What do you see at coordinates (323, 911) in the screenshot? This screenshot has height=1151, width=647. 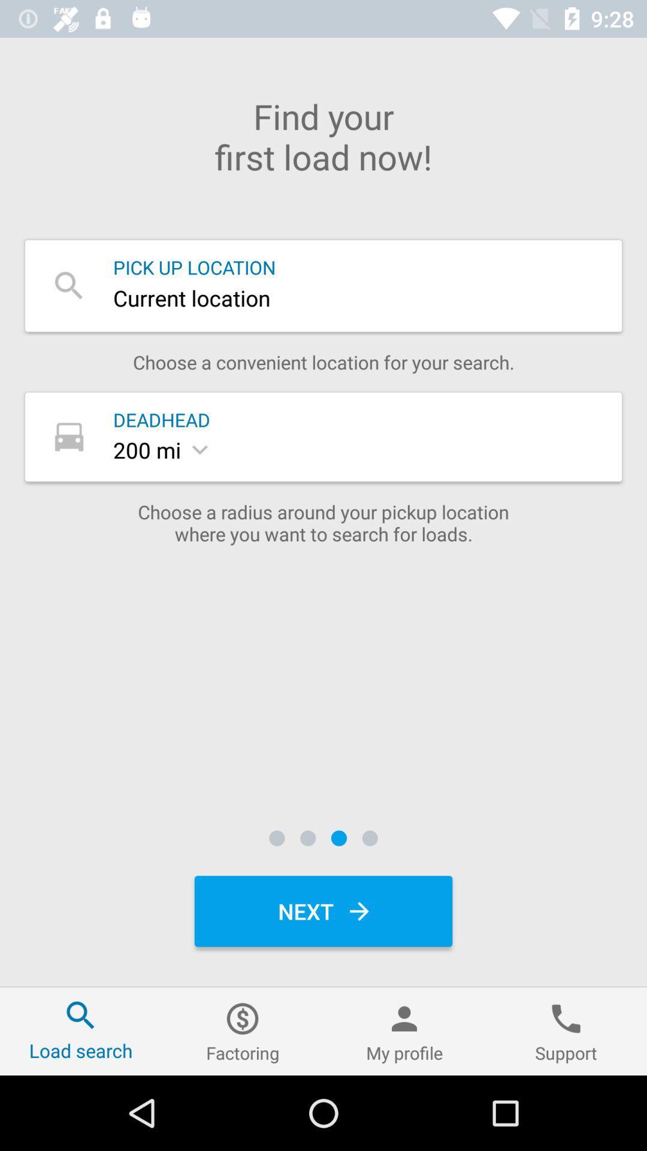 I see `the next` at bounding box center [323, 911].